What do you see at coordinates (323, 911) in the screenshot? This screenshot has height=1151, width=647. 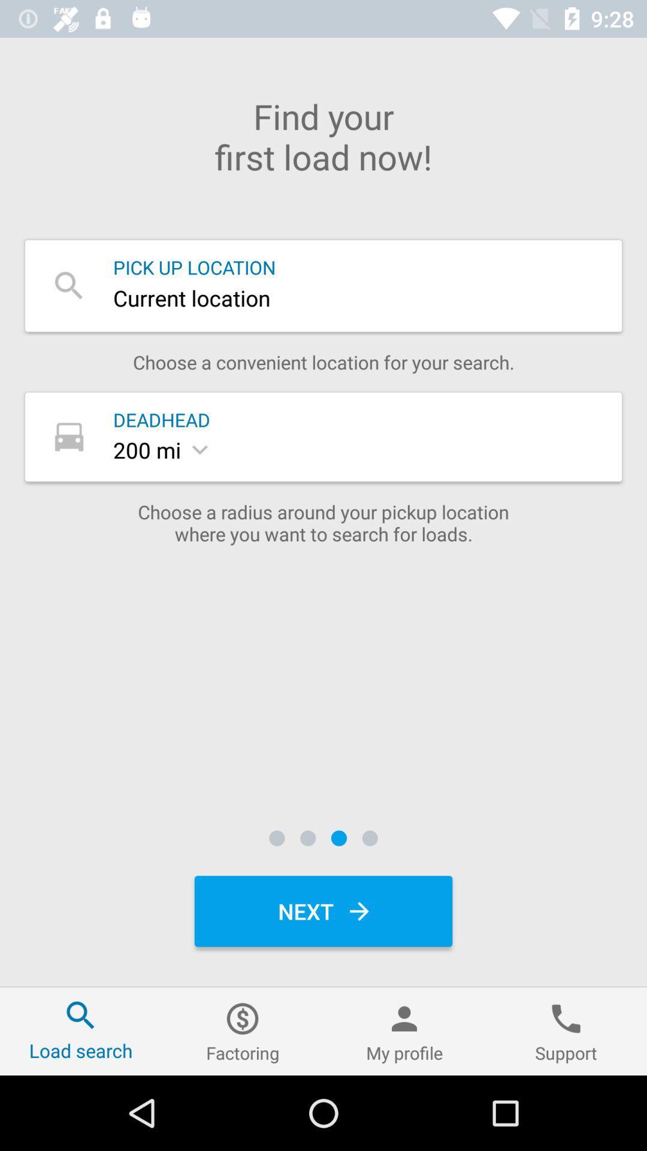 I see `the next` at bounding box center [323, 911].